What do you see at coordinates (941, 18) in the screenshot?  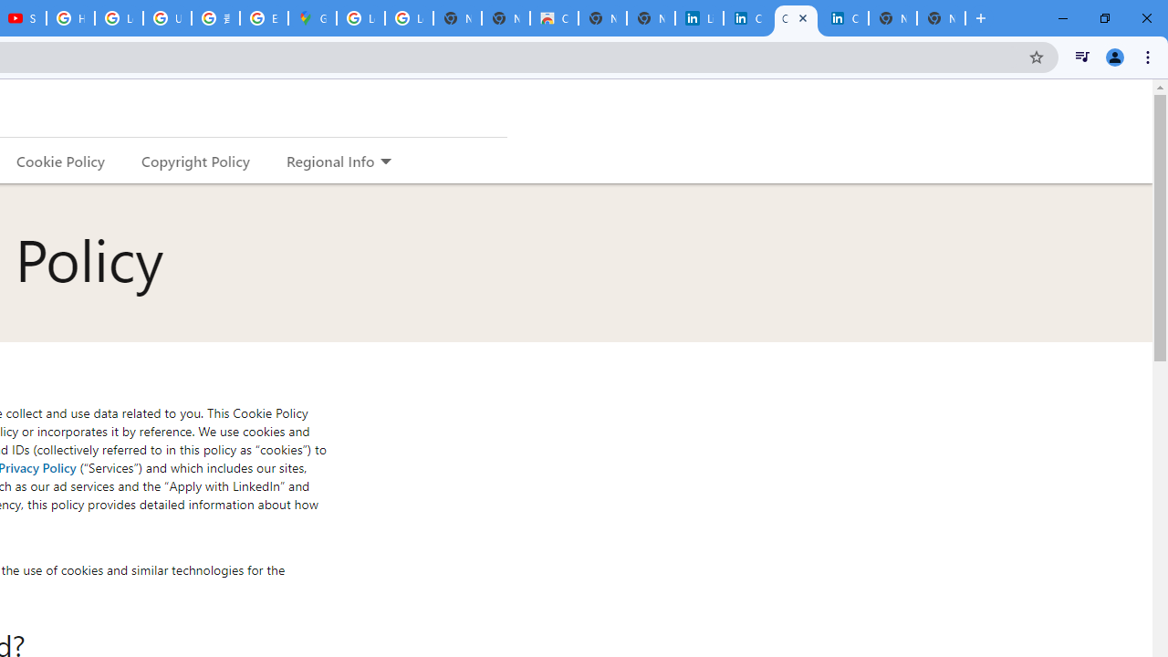 I see `'New Tab'` at bounding box center [941, 18].